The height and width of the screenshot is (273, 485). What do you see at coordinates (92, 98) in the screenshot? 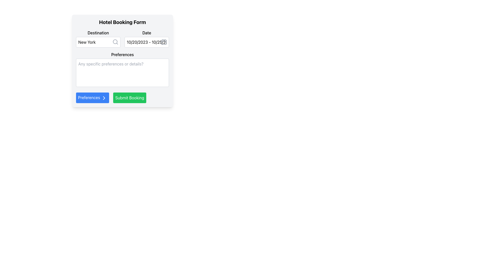
I see `the preferences button located at the bottom-left corner of the main card layout` at bounding box center [92, 98].